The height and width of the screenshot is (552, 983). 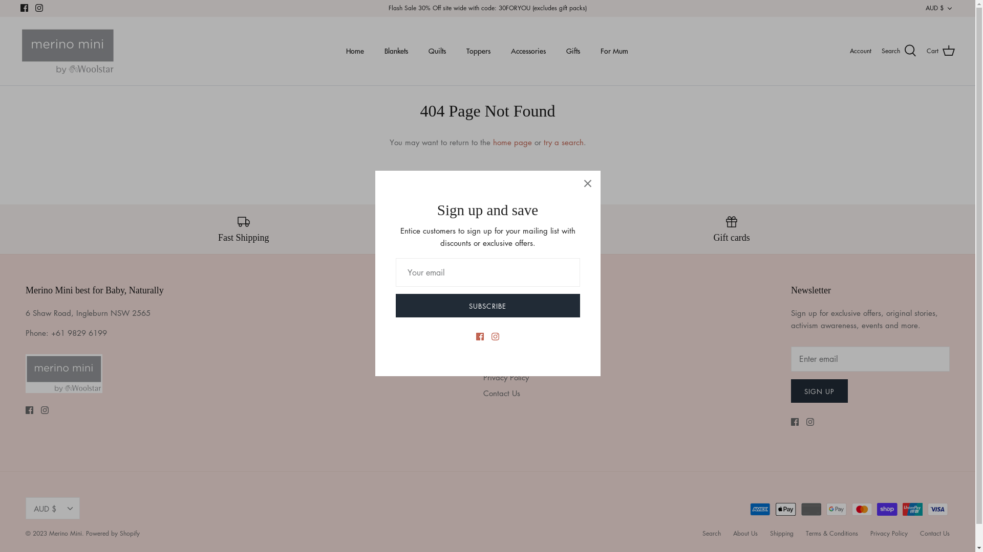 I want to click on 'Toppers', so click(x=456, y=51).